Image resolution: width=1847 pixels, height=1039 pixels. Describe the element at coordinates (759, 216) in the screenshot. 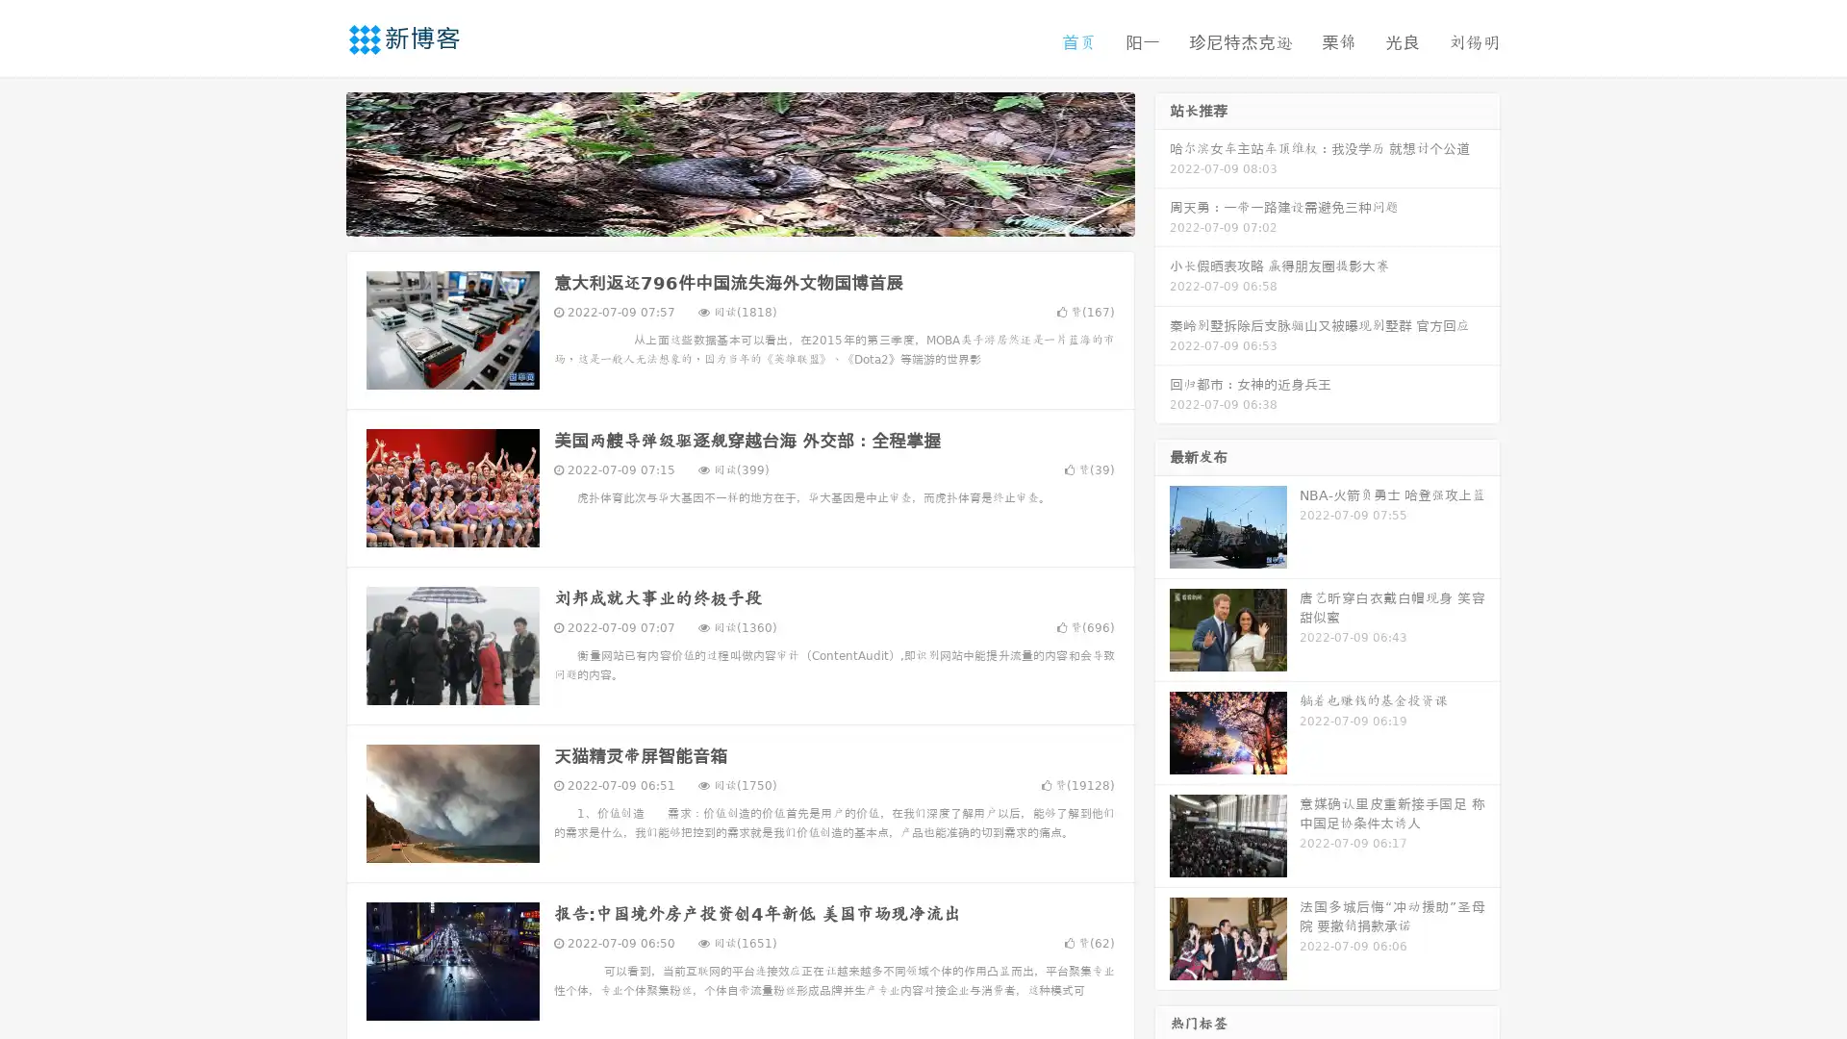

I see `Go to slide 3` at that location.